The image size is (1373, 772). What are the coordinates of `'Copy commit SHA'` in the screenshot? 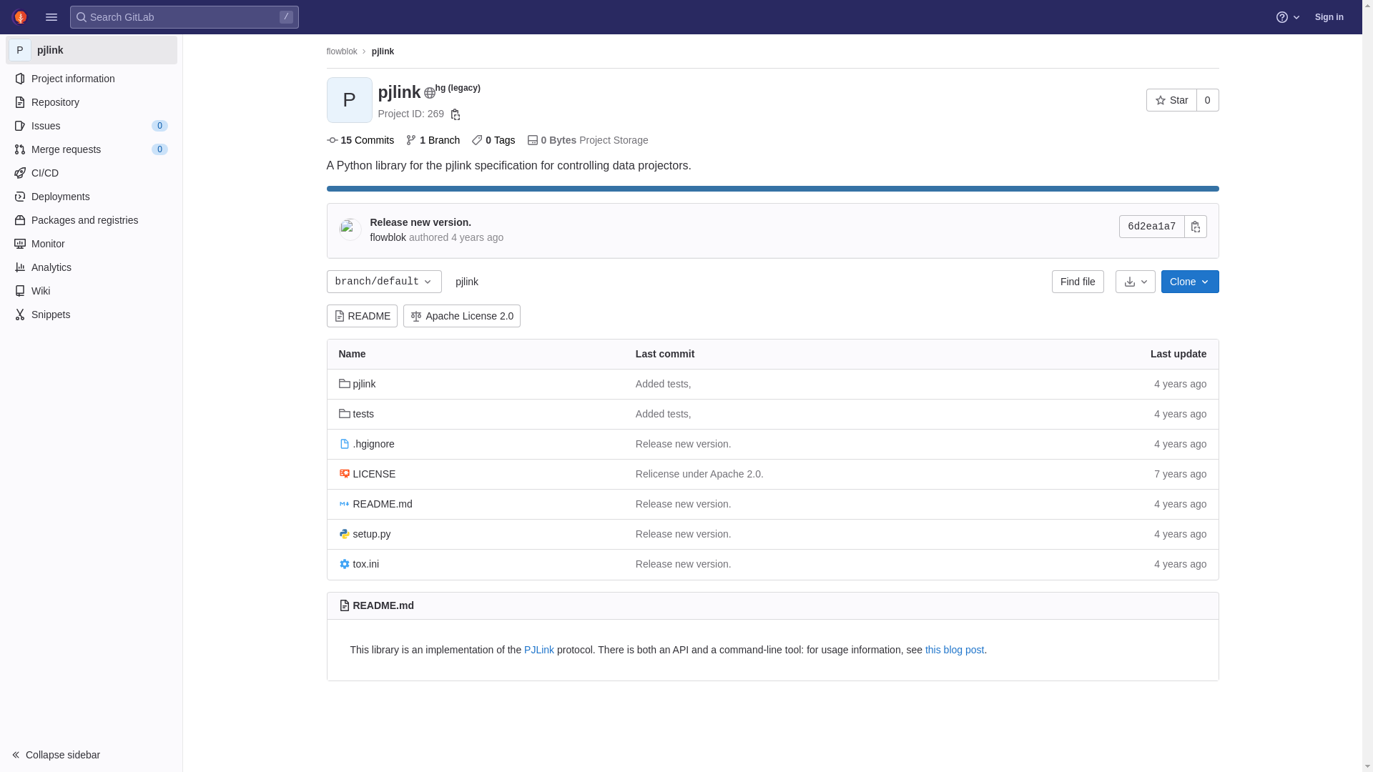 It's located at (1184, 225).